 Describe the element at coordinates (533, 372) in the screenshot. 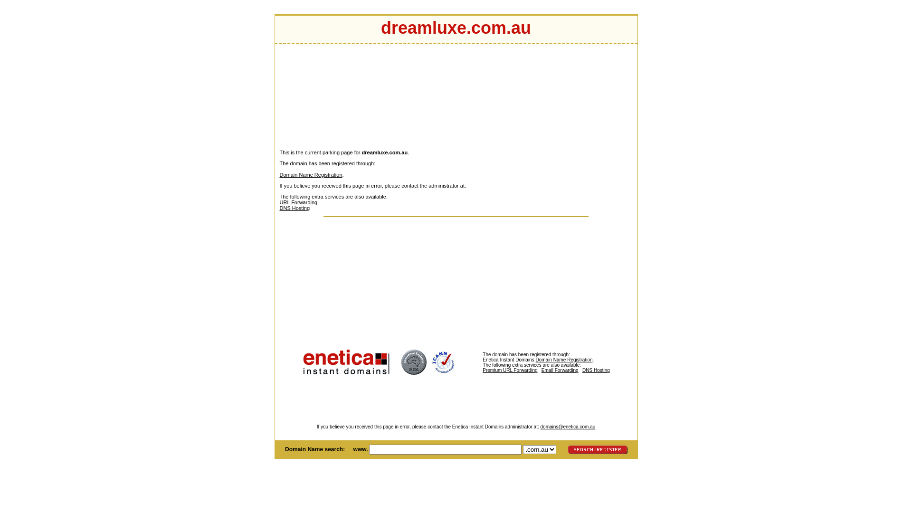

I see `'Premium URL Forwarding'` at that location.